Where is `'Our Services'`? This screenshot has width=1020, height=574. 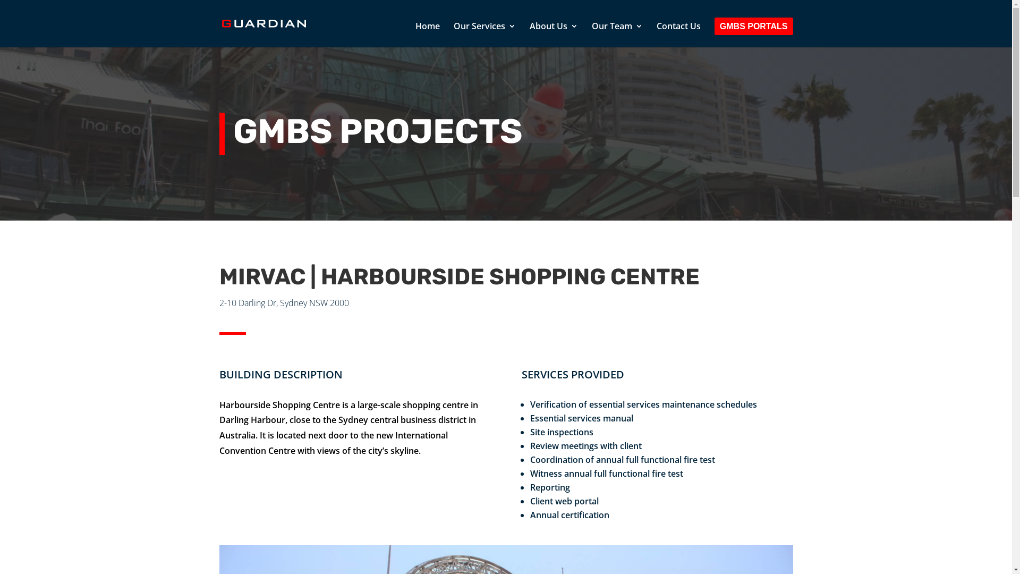 'Our Services' is located at coordinates (454, 34).